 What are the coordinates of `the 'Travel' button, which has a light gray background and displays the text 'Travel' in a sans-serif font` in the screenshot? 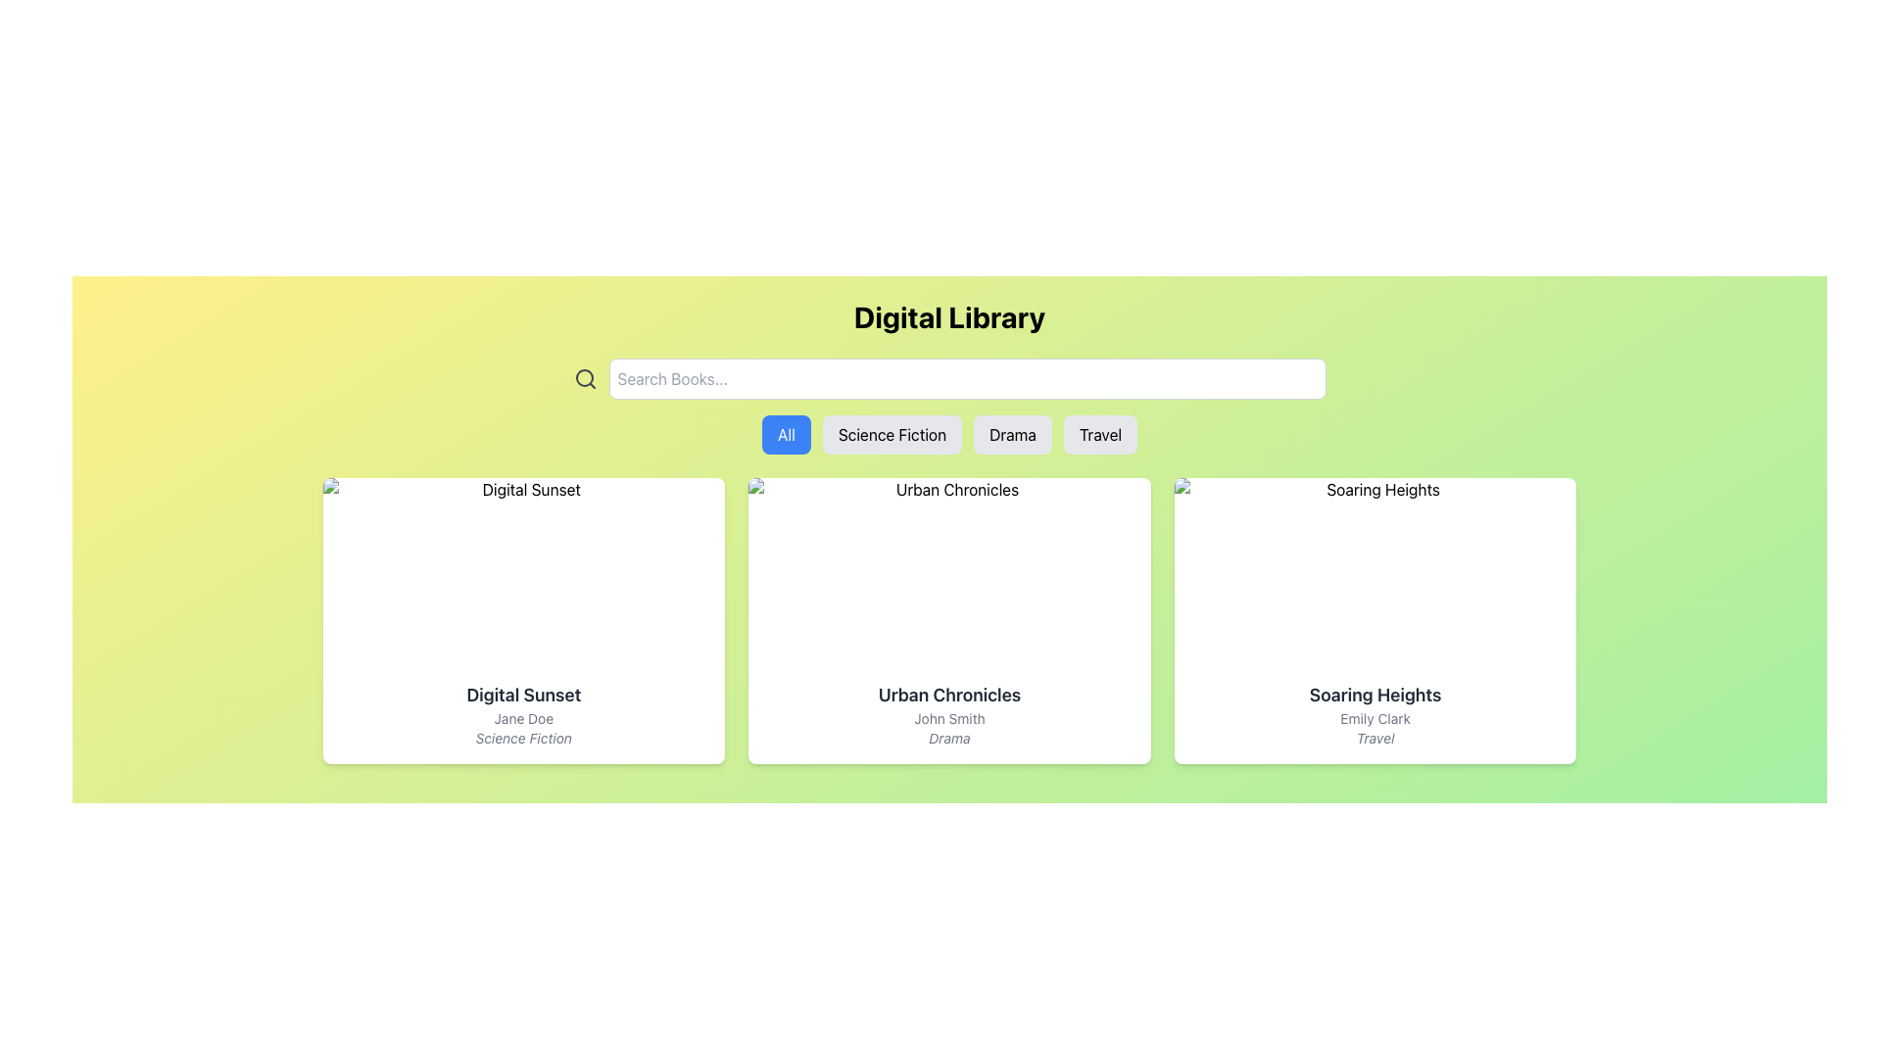 It's located at (1100, 433).